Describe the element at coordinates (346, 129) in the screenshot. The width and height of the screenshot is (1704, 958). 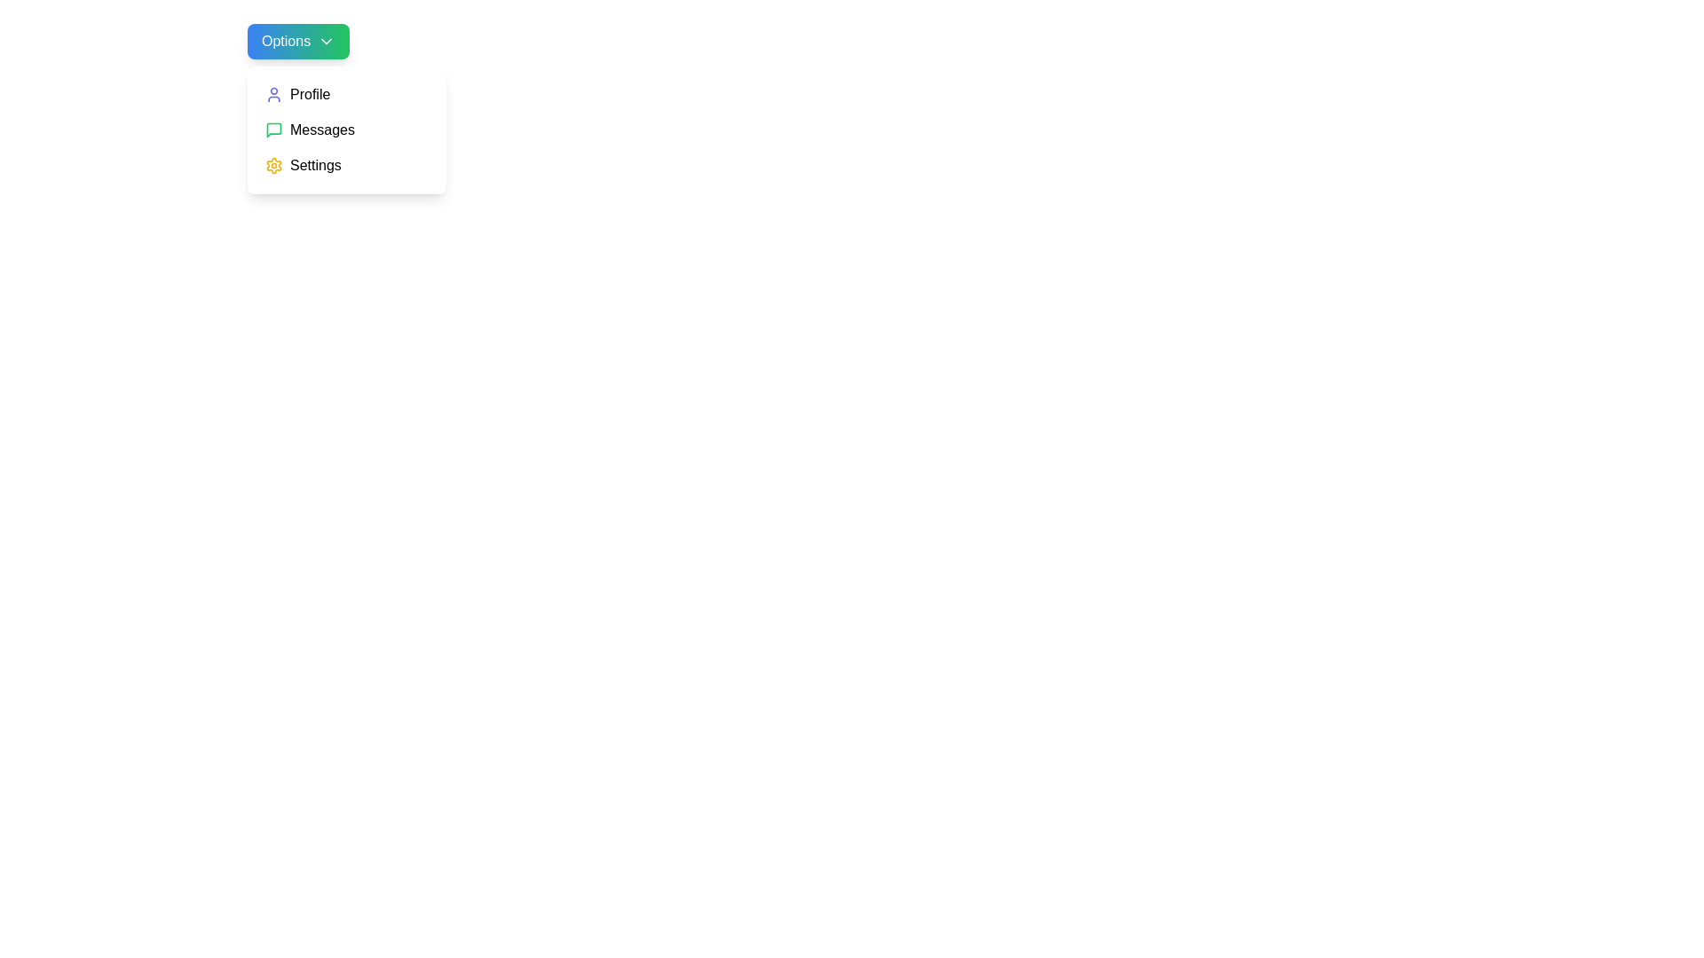
I see `the Messages option in the dropdown menu` at that location.